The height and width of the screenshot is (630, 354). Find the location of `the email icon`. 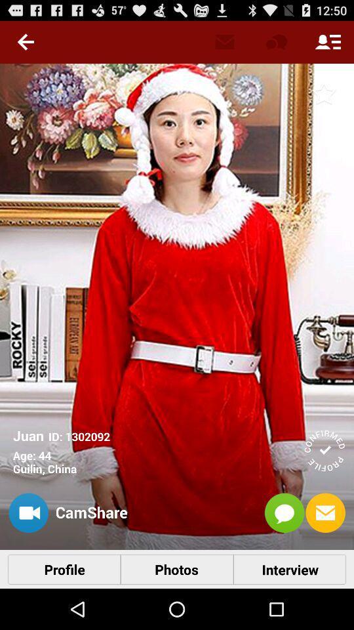

the email icon is located at coordinates (324, 549).